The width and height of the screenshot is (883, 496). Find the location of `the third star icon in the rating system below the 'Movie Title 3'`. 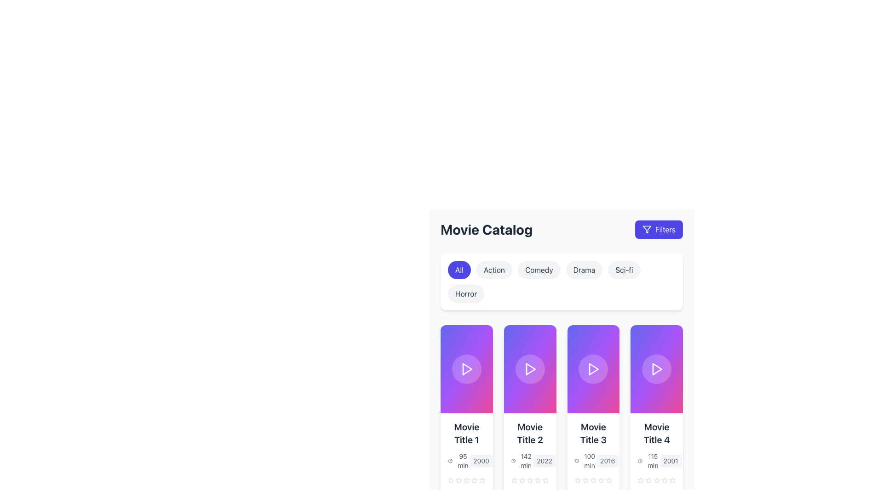

the third star icon in the rating system below the 'Movie Title 3' is located at coordinates (585, 479).